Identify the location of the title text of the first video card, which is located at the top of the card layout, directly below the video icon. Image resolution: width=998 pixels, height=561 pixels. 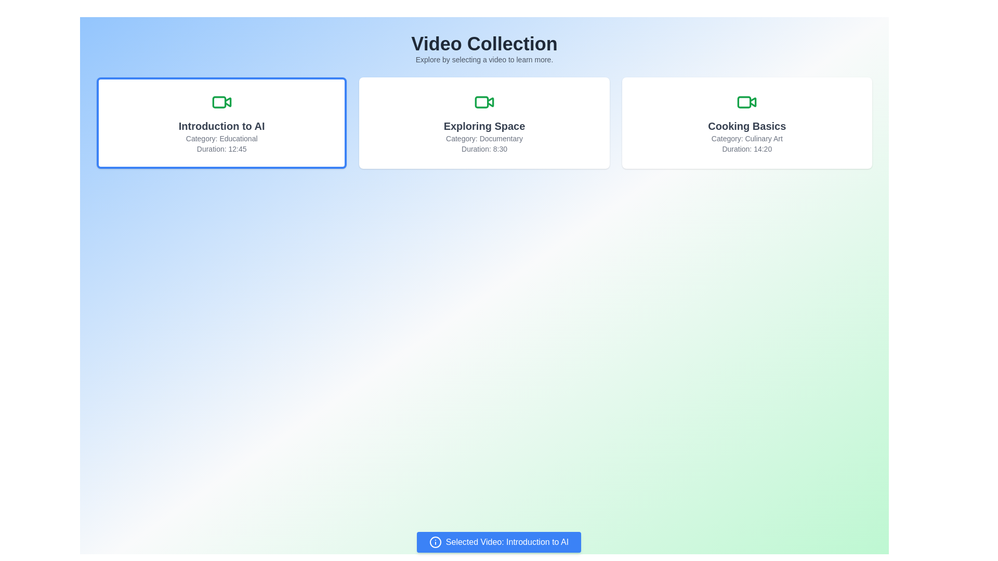
(221, 126).